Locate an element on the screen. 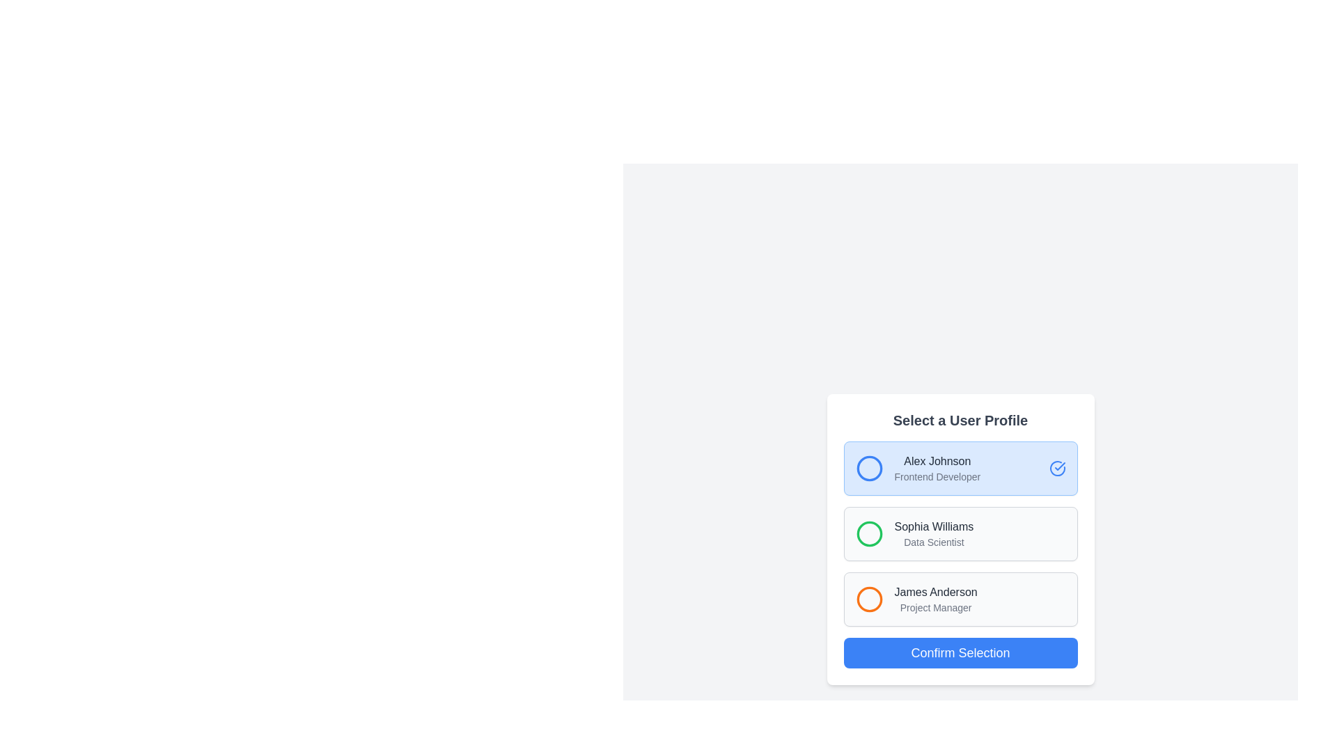 This screenshot has width=1337, height=752. SVG circle element that serves as a visual indicator for the user profile option labeled 'James Anderson - Project Manager' by clicking on its center point is located at coordinates (868, 598).